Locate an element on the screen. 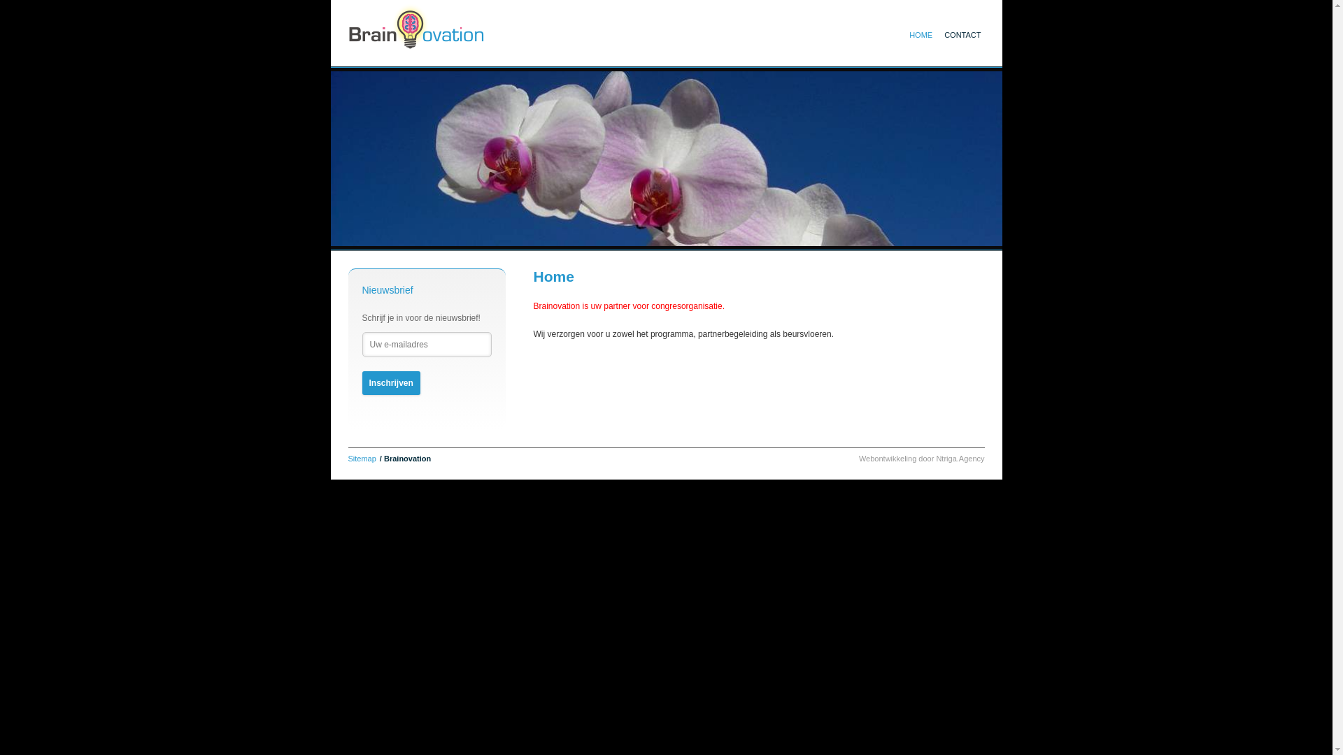 Image resolution: width=1343 pixels, height=755 pixels. 'Home' is located at coordinates (415, 26).